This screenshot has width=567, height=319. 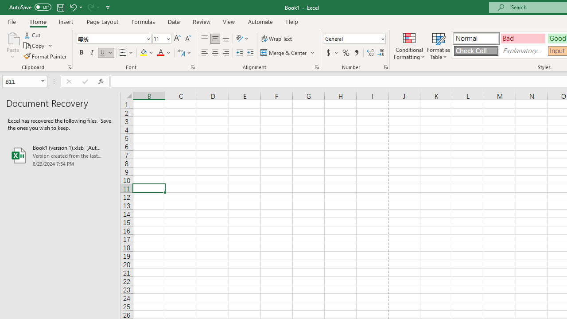 I want to click on 'Save', so click(x=60, y=7).